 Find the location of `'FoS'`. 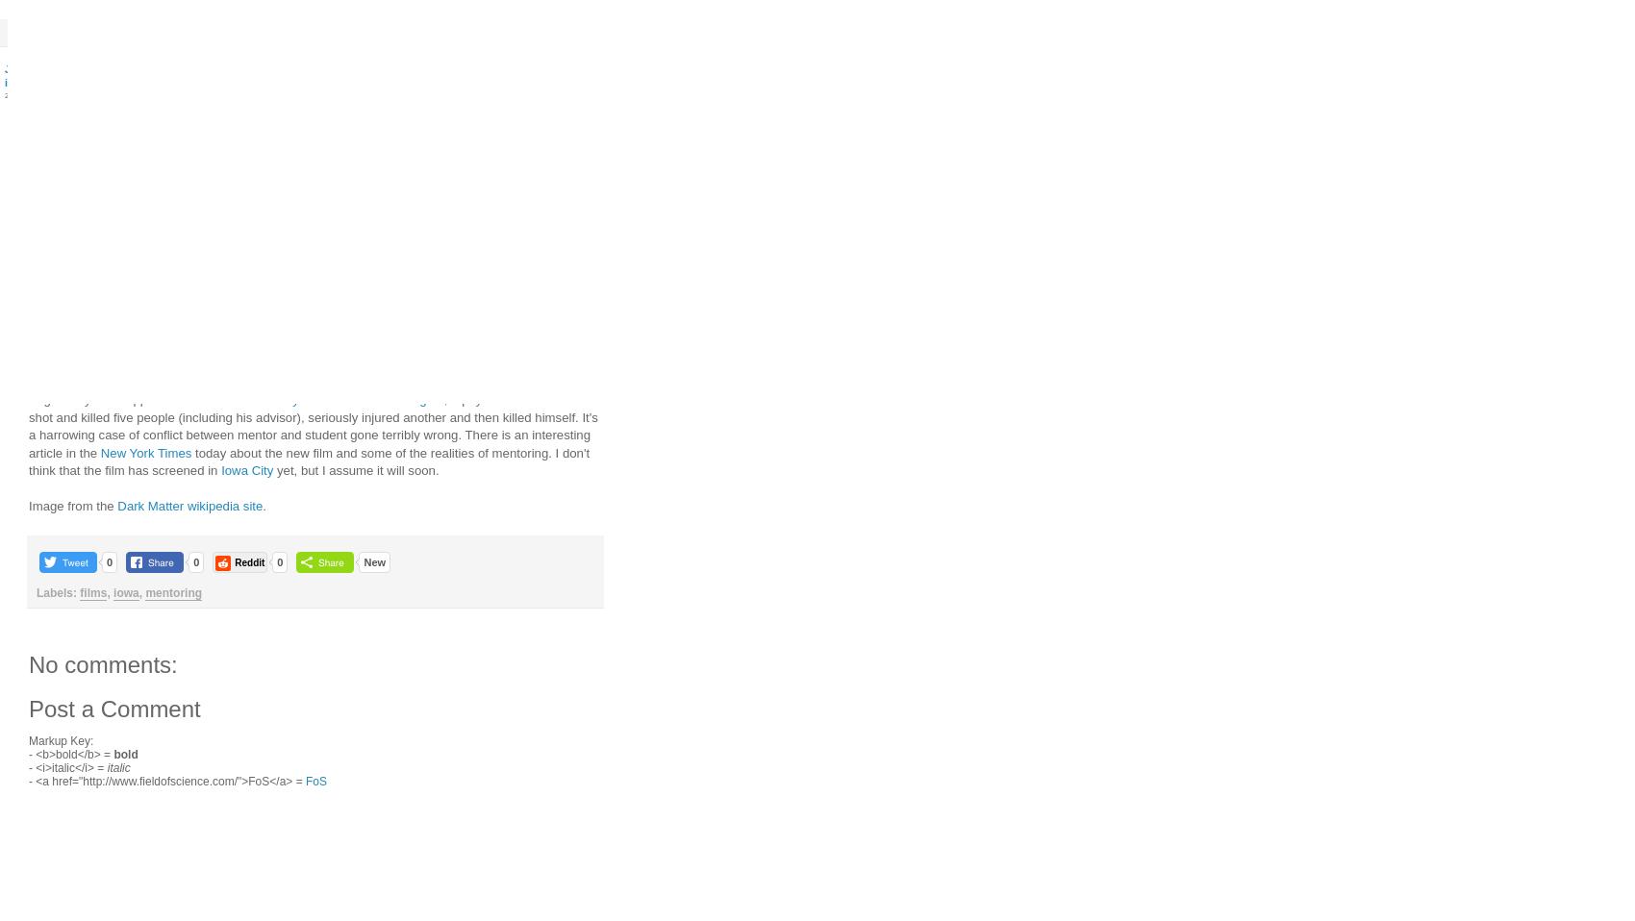

'FoS' is located at coordinates (314, 780).